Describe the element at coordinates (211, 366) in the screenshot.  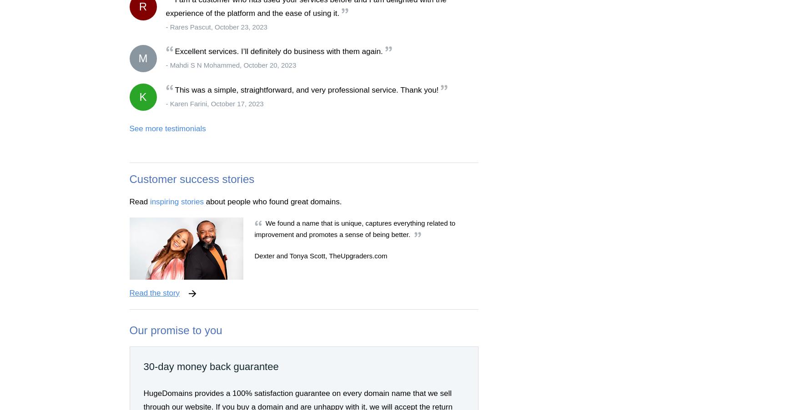
I see `'30-day money back guarantee'` at that location.